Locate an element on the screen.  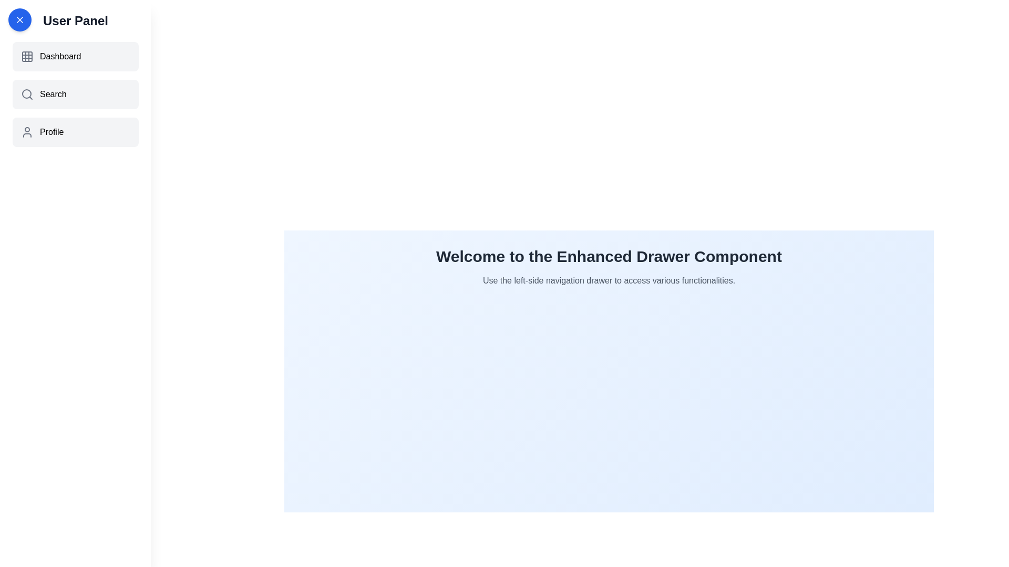
the close button located in the top-left corner of the interface is located at coordinates (20, 20).